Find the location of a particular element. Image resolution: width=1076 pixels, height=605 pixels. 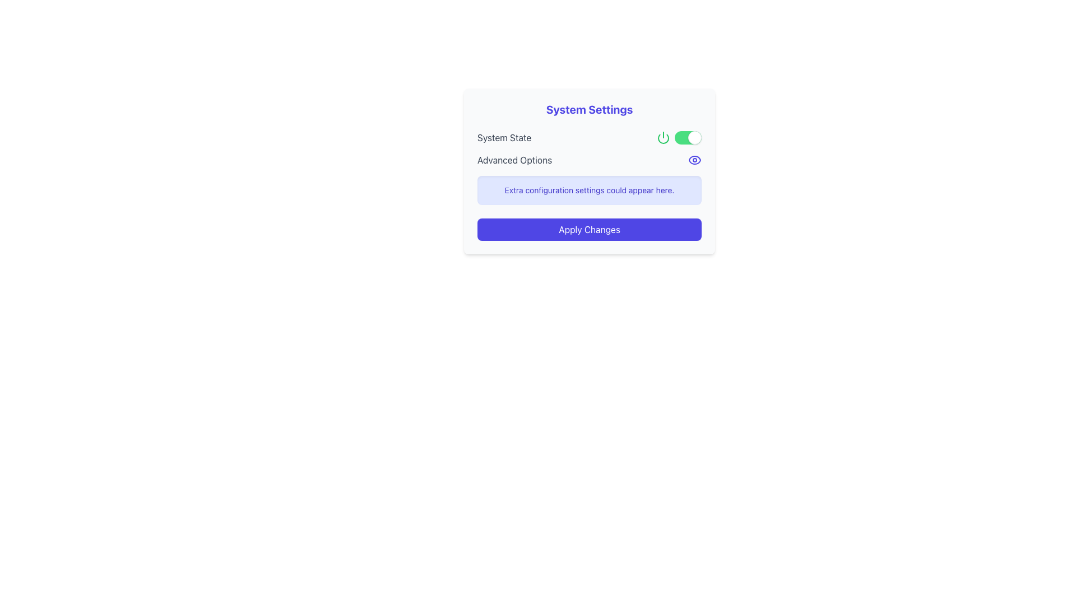

informational text block with a light indigo background that contains the message 'Extra configuration settings could appear here.' located beneath the 'Advanced Options' section is located at coordinates (588, 189).